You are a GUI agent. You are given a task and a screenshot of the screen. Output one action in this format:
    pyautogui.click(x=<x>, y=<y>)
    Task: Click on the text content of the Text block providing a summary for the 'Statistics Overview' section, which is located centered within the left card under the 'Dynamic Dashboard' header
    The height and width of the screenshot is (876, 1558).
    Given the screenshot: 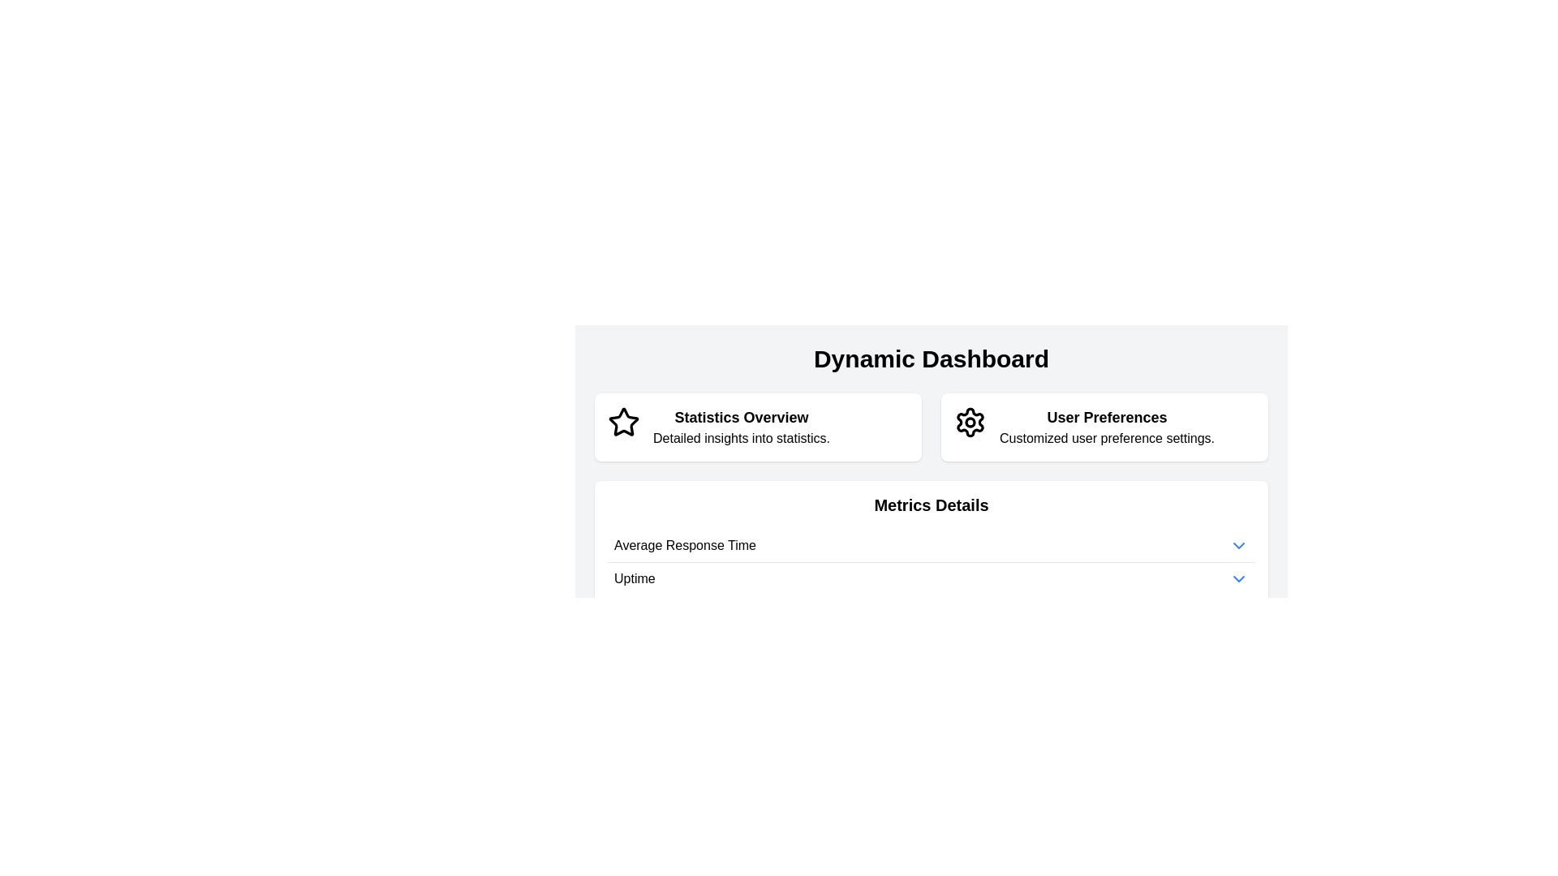 What is the action you would take?
    pyautogui.click(x=740, y=427)
    